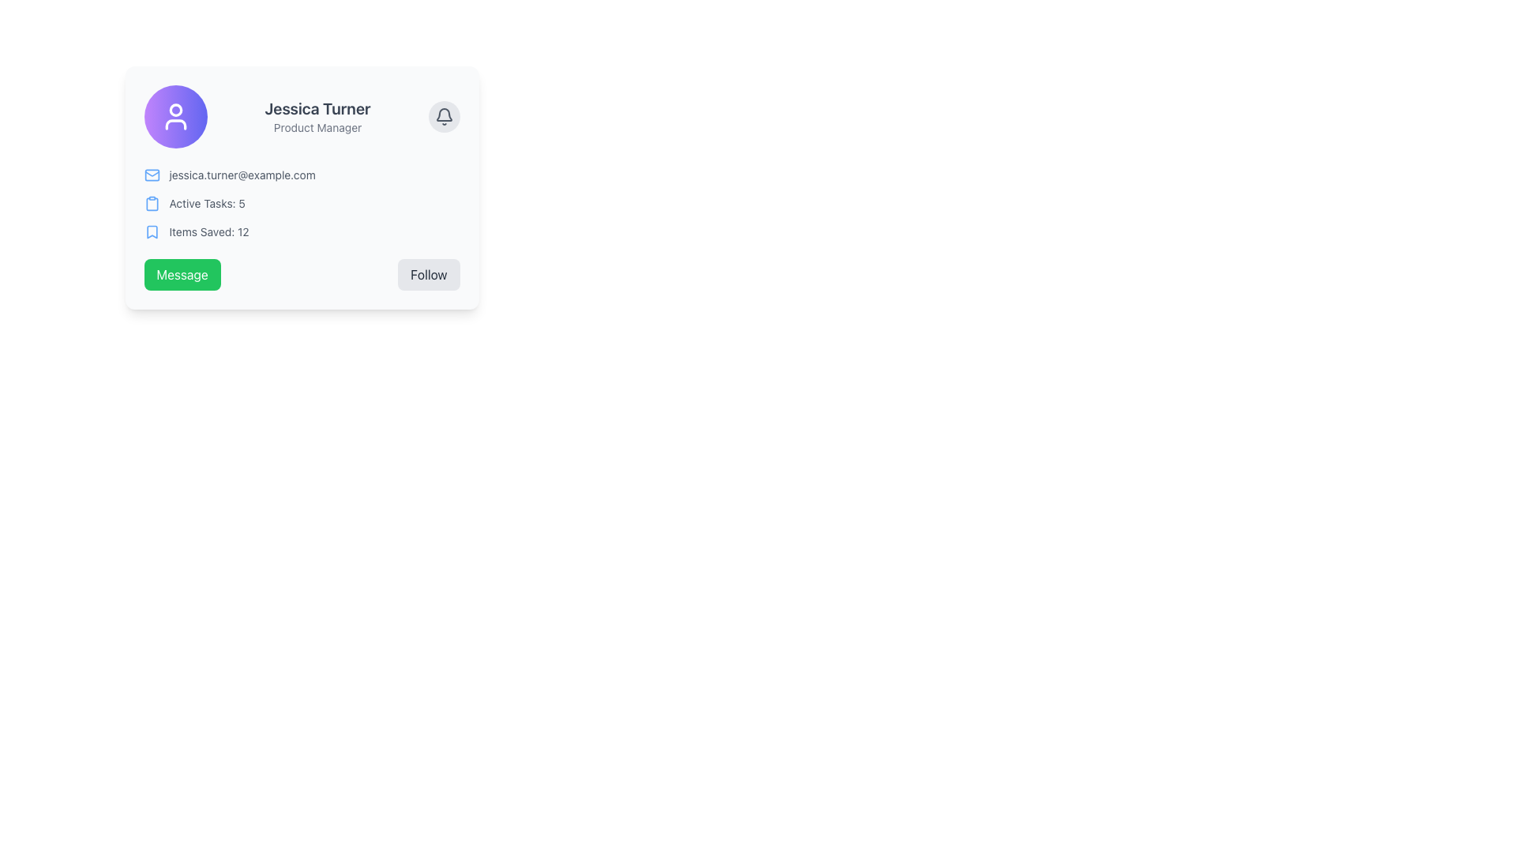 The image size is (1516, 853). Describe the element at coordinates (152, 231) in the screenshot. I see `the save icon located to the left of the 'Items Saved: 12' text within the user details card` at that location.